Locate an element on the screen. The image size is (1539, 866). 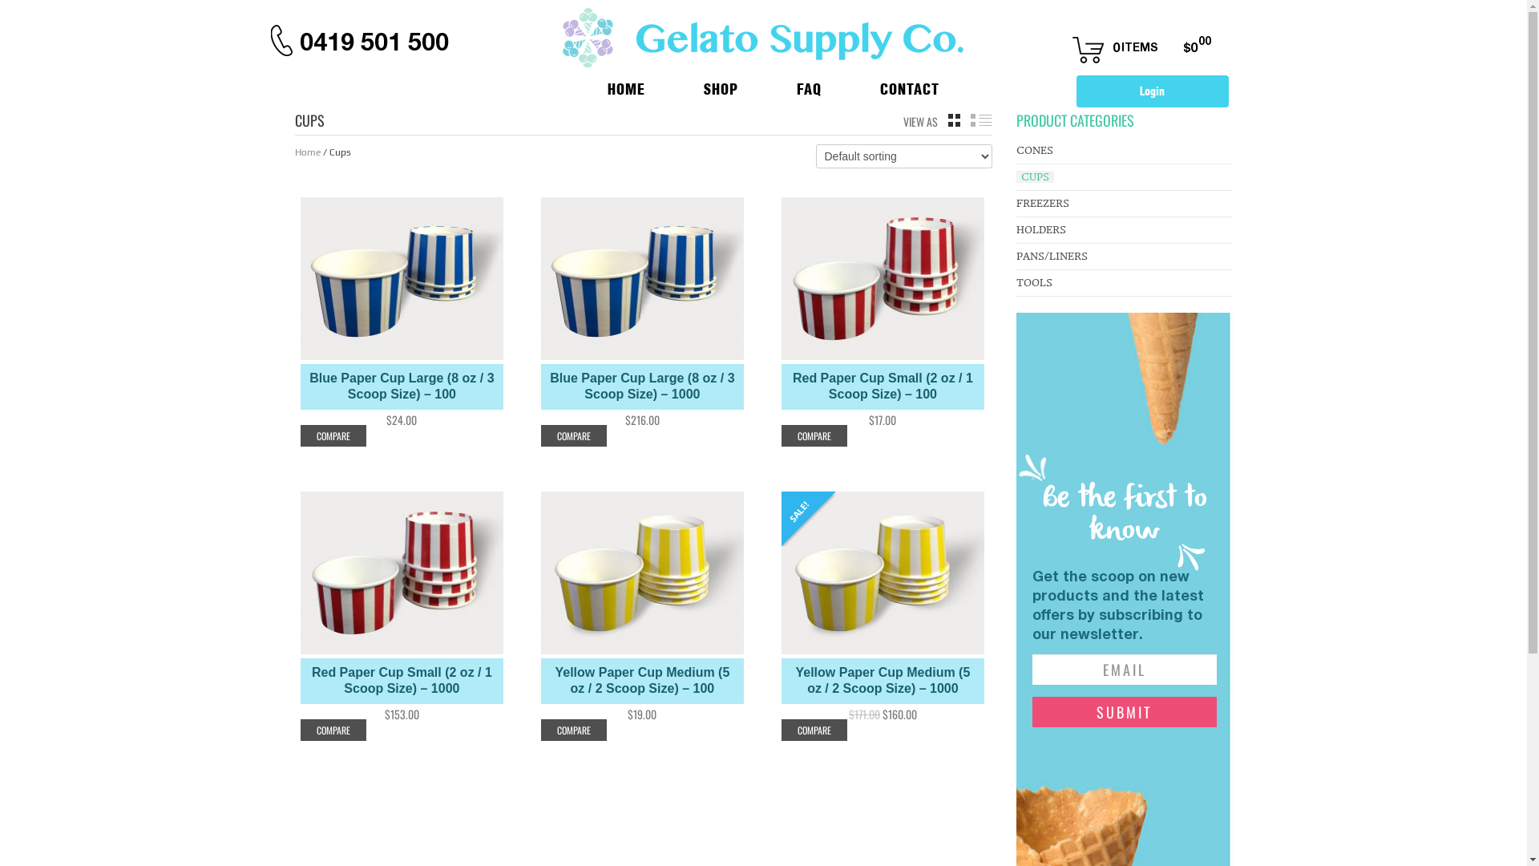
'Gelato Supply Co.' is located at coordinates (761, 36).